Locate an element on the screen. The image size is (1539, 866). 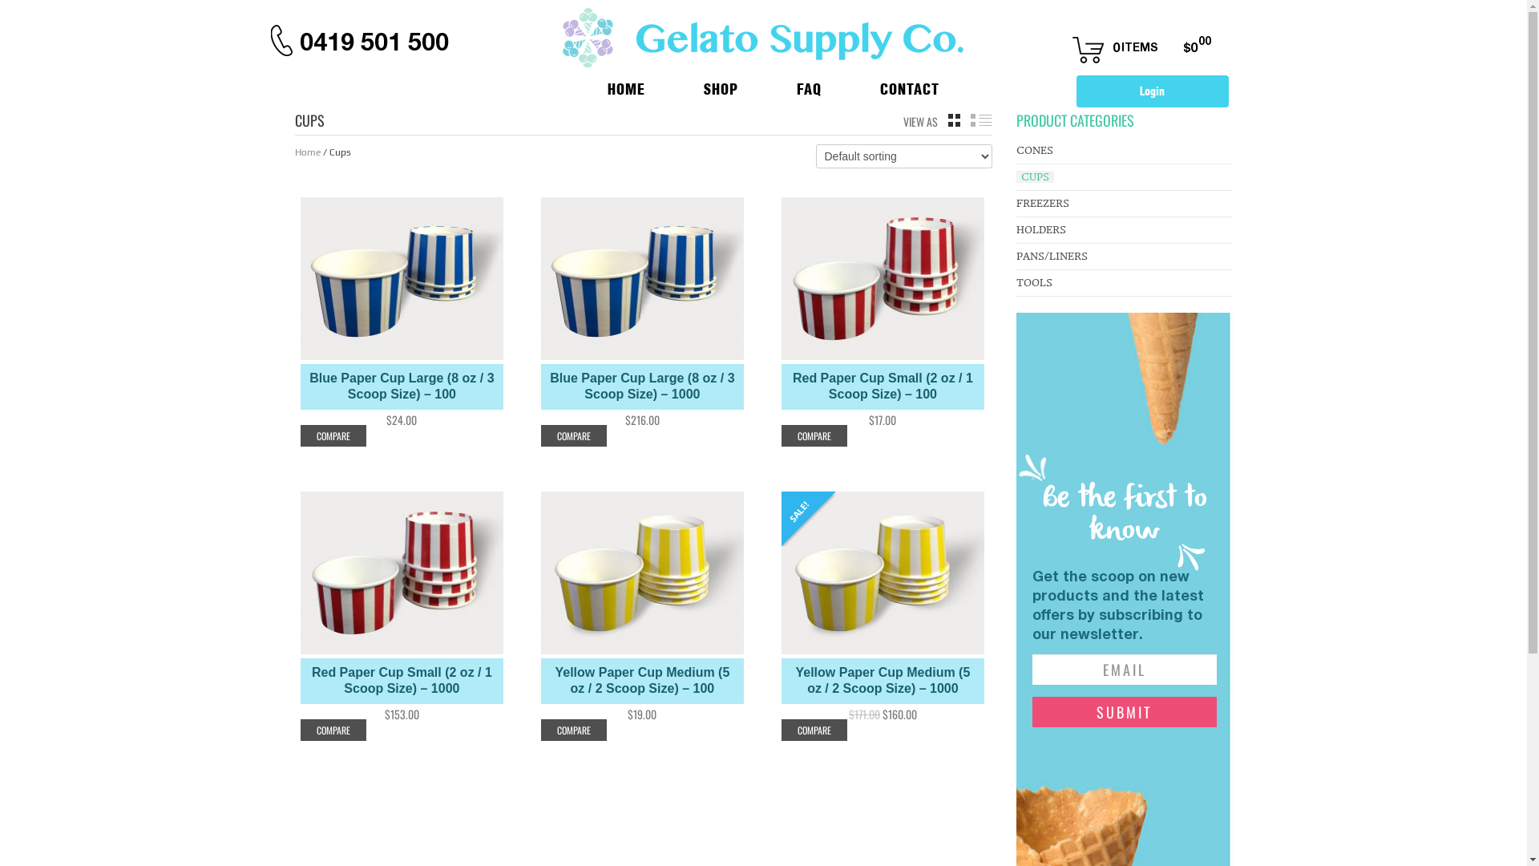
'Gelato Supply Co.' is located at coordinates (761, 36).